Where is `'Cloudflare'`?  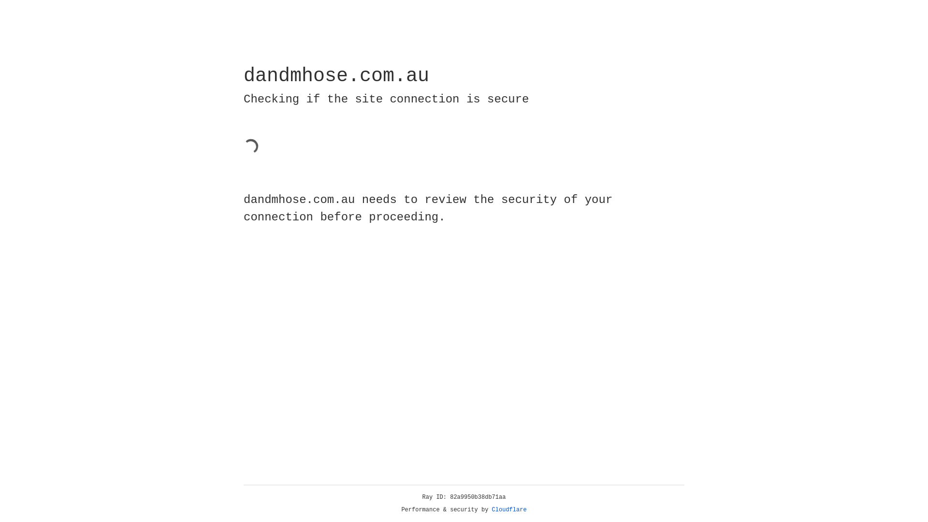
'Cloudflare' is located at coordinates (509, 509).